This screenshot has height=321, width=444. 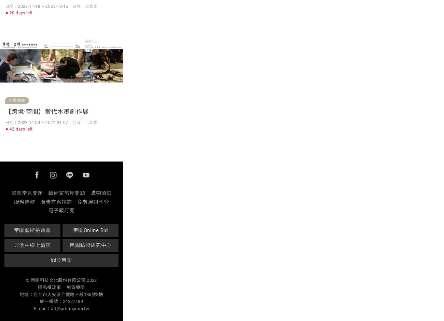 What do you see at coordinates (61, 280) in the screenshot?
I see `'© 帝圖科技文化股份有限公司 2023'` at bounding box center [61, 280].